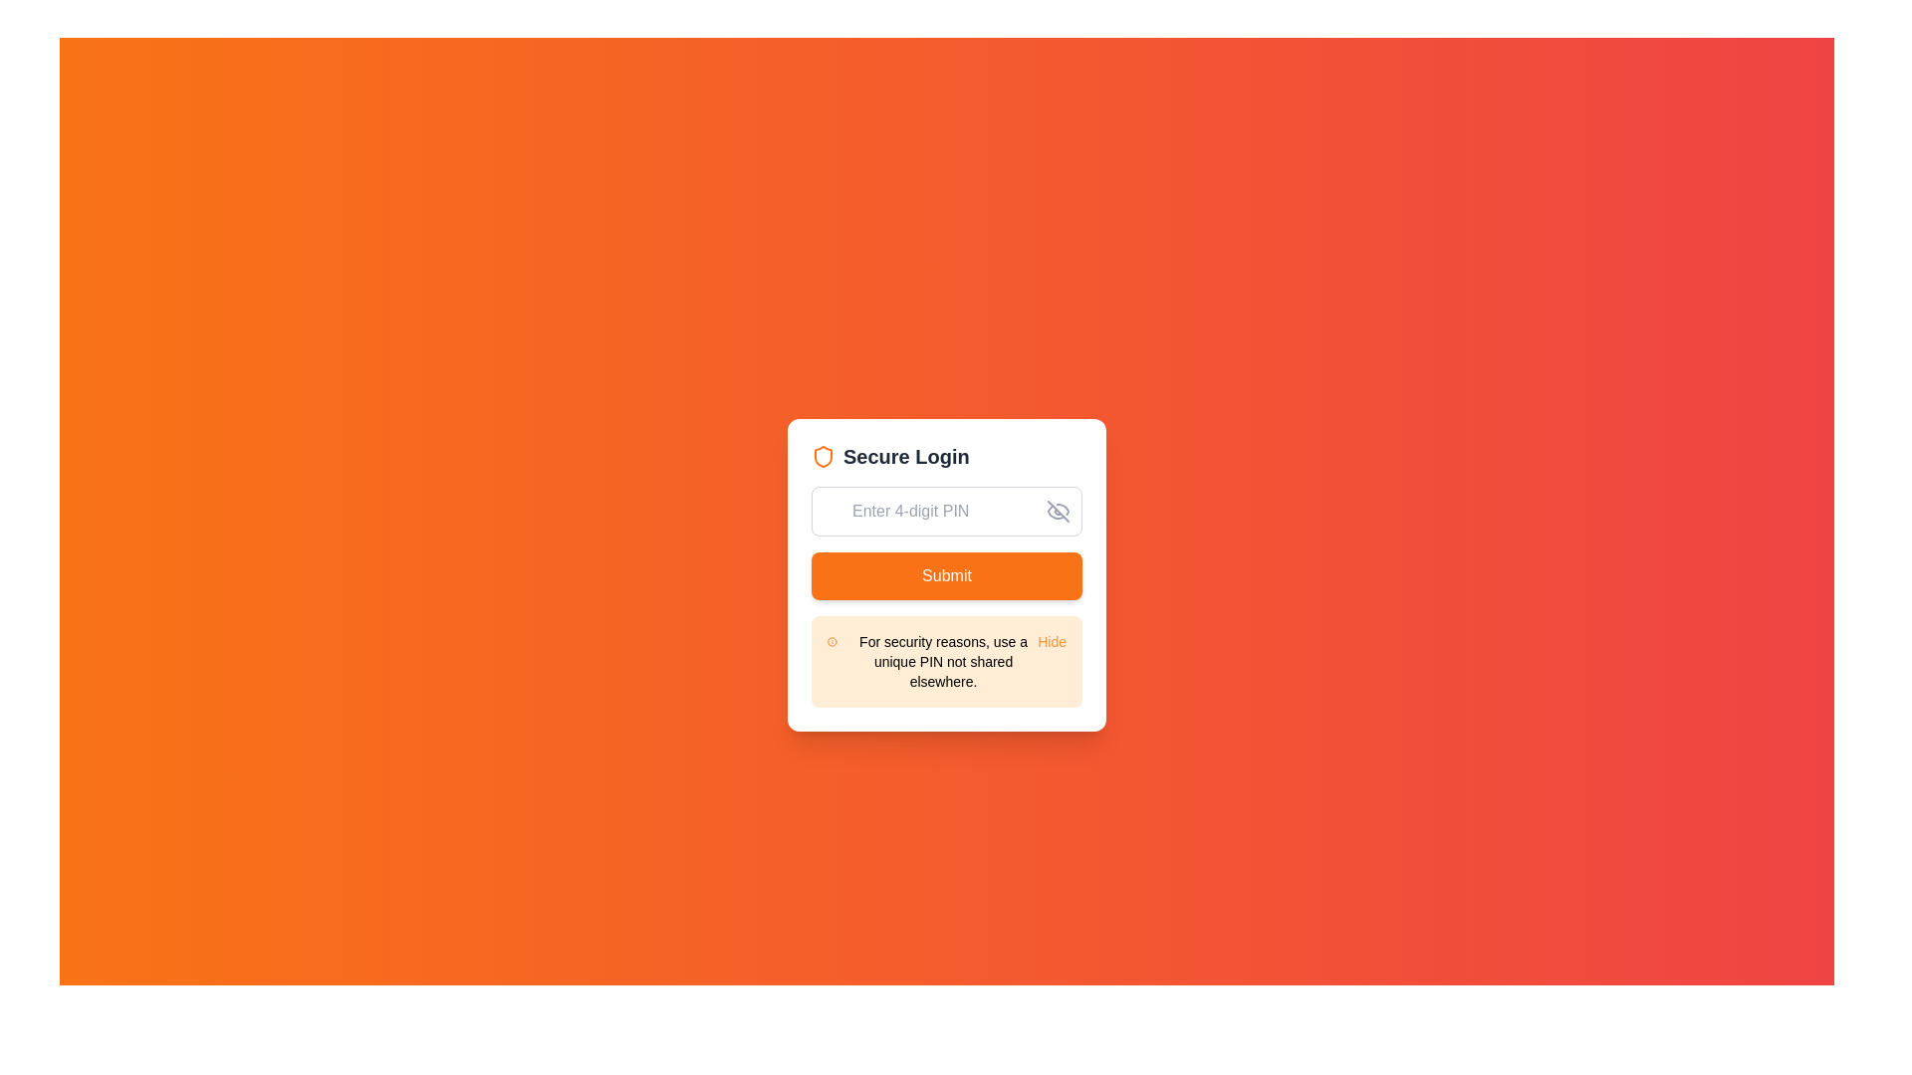 This screenshot has height=1075, width=1912. What do you see at coordinates (1055, 511) in the screenshot?
I see `the graphic element representing a 'hide' or 'invisible' functionality, which is part of an eye icon positioned above an input field` at bounding box center [1055, 511].